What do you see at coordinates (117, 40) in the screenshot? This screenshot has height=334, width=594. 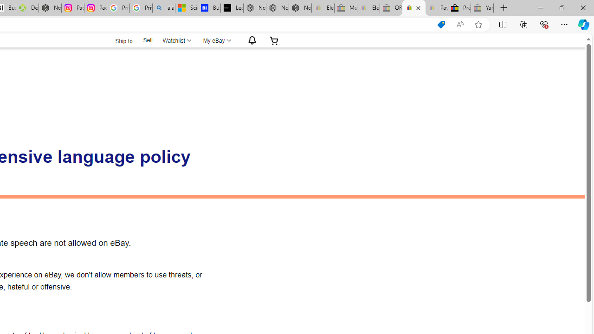 I see `'Ship to'` at bounding box center [117, 40].